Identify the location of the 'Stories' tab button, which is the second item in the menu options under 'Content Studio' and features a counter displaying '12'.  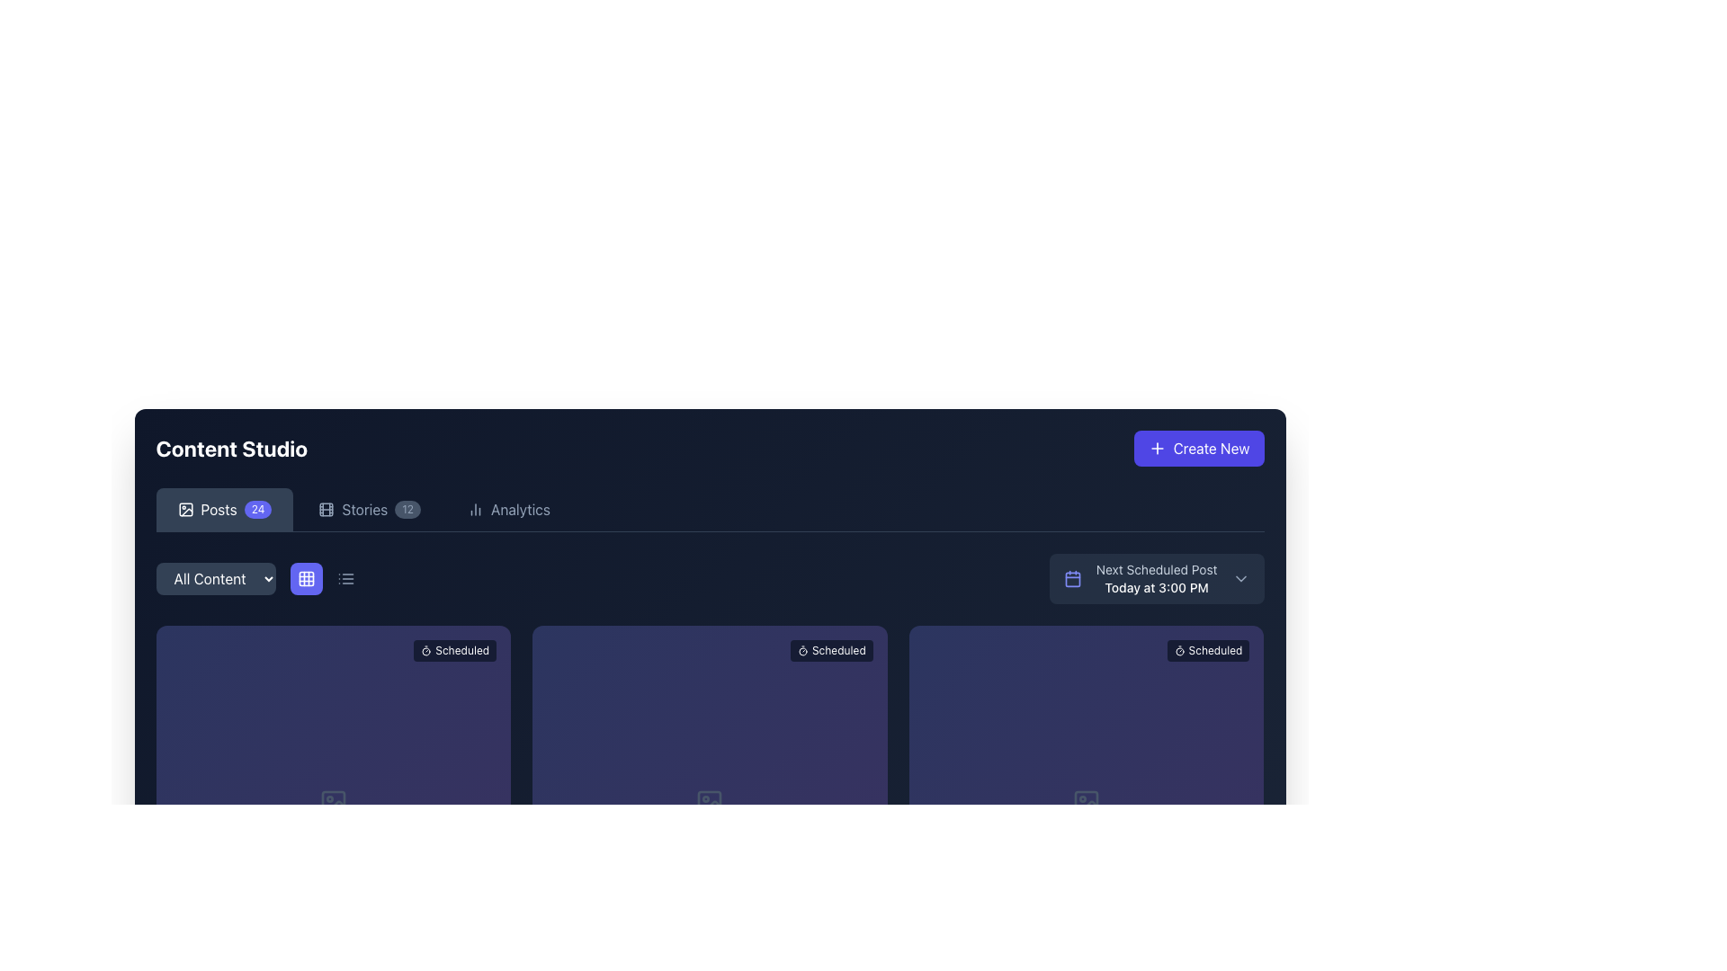
(369, 510).